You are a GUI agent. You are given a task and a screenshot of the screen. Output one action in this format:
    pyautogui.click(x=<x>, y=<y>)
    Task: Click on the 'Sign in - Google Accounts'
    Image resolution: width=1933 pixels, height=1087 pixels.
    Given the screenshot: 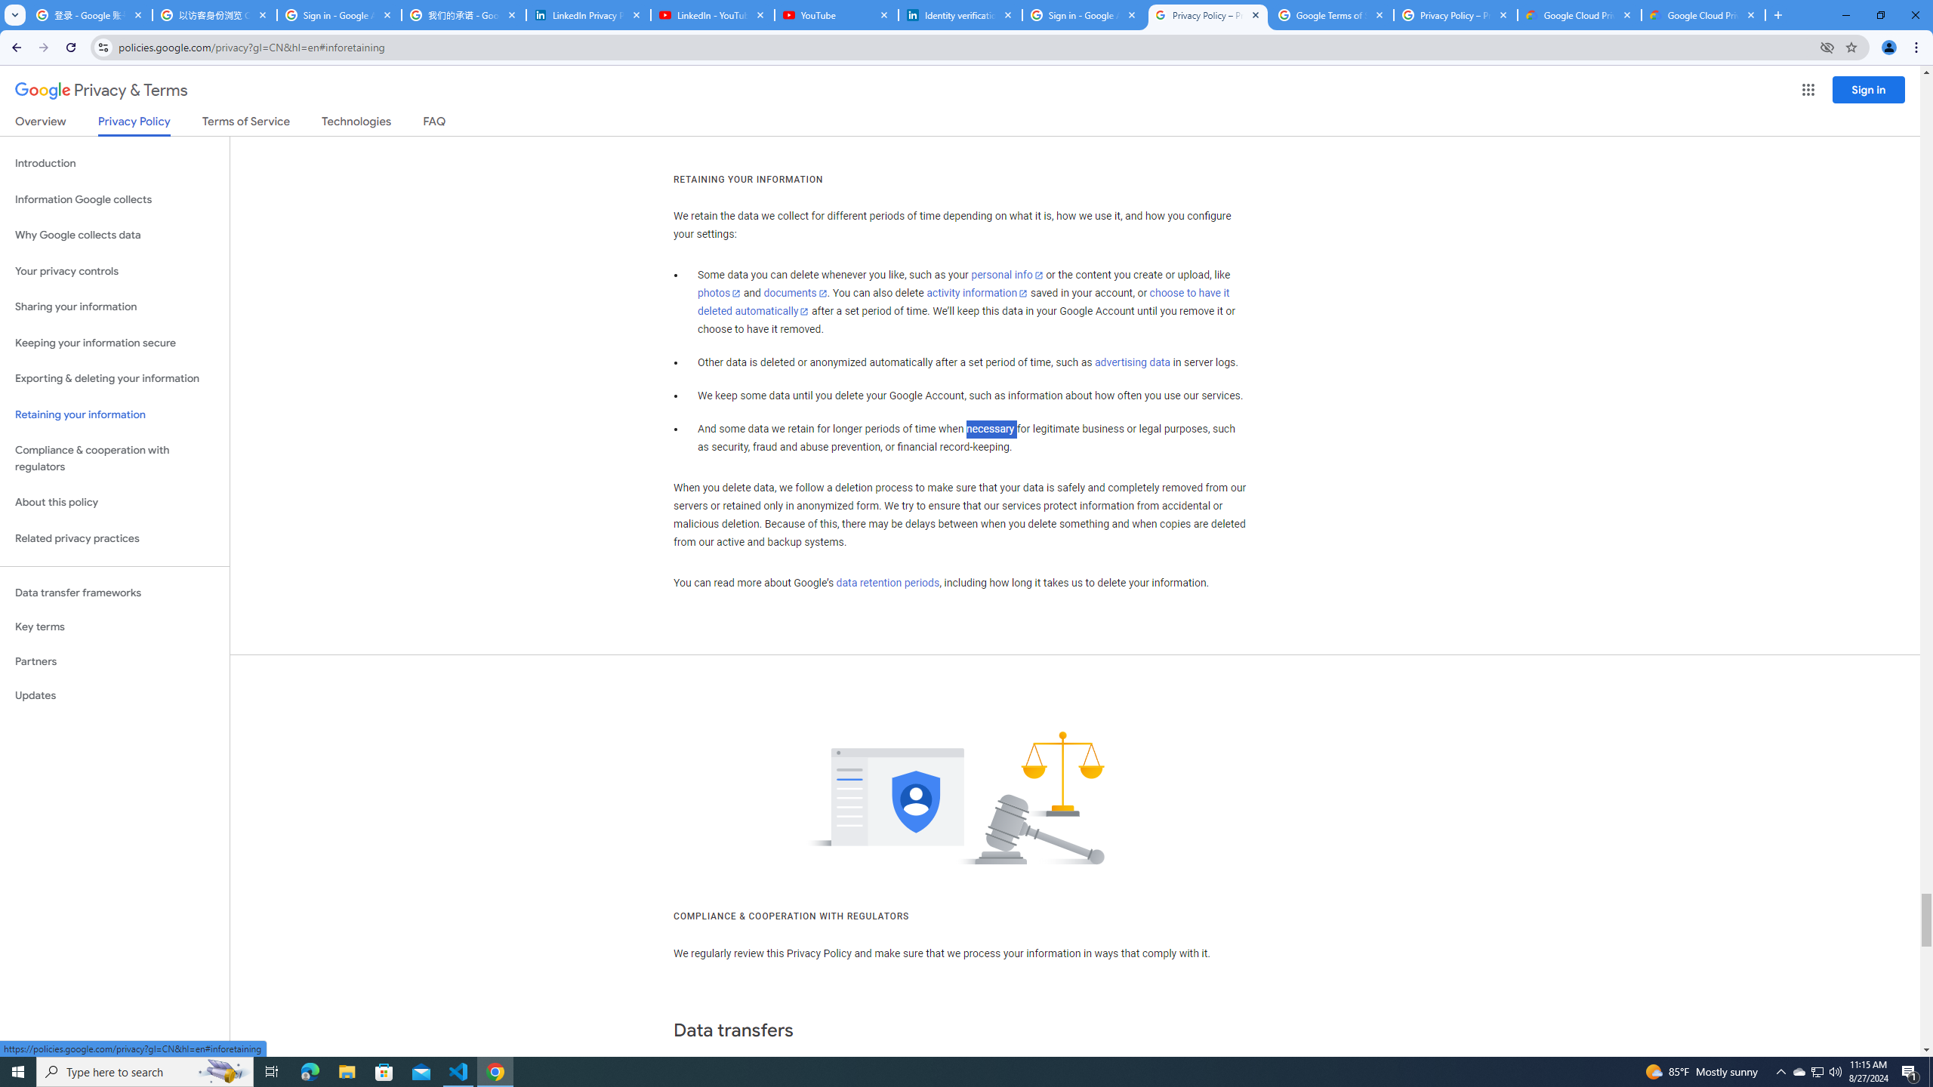 What is the action you would take?
    pyautogui.click(x=1083, y=14)
    